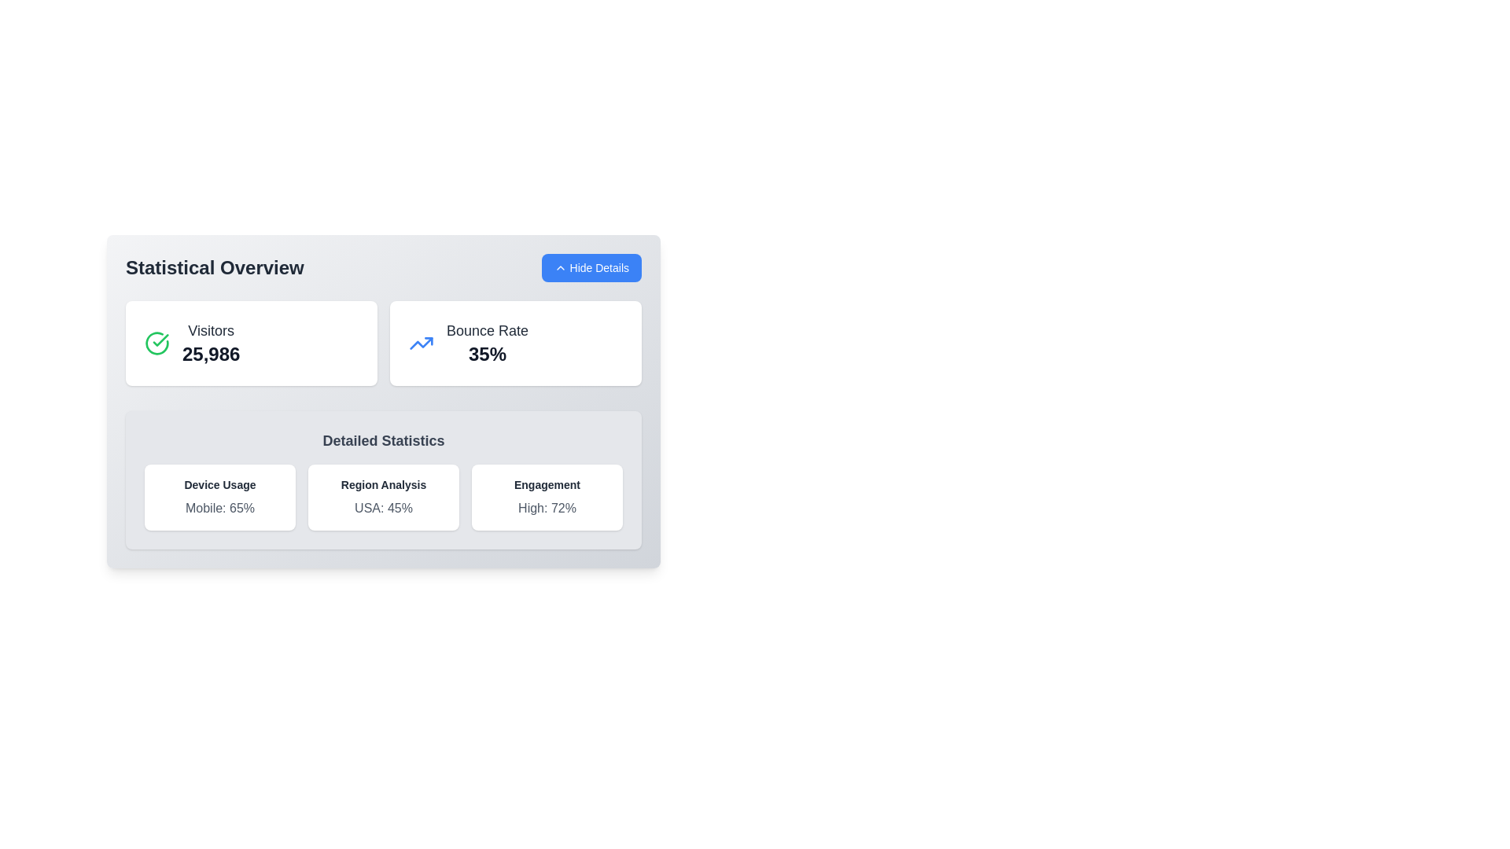 The image size is (1510, 849). What do you see at coordinates (591, 266) in the screenshot?
I see `the toggle button located in the top-right corner of the 'Statistical Overview' section to hide the detailed information` at bounding box center [591, 266].